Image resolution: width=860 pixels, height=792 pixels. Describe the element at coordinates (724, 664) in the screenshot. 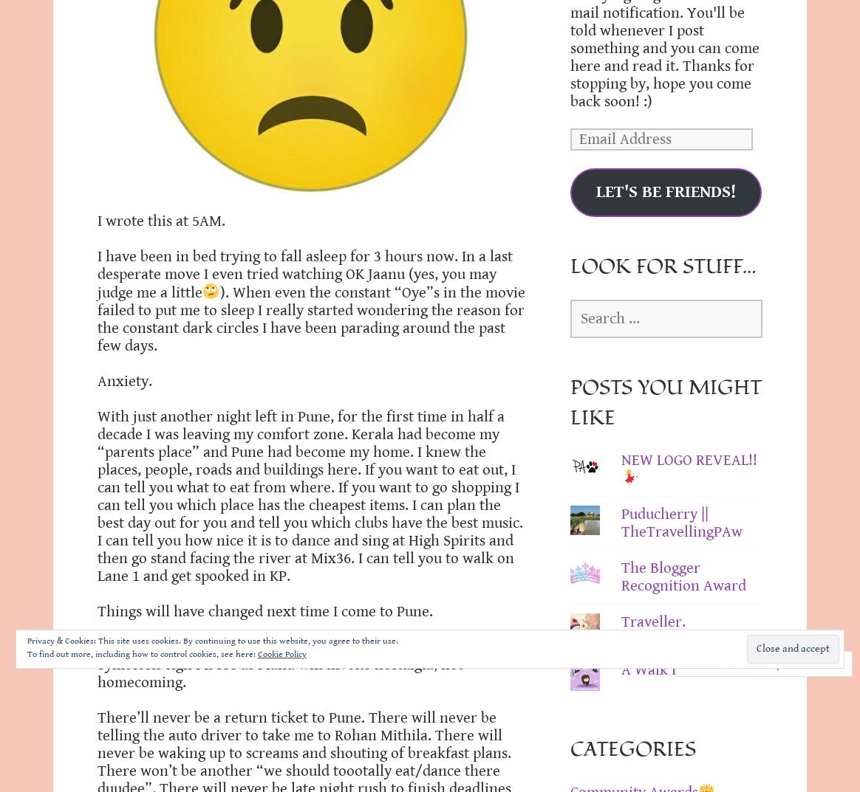

I see `'Comment'` at that location.